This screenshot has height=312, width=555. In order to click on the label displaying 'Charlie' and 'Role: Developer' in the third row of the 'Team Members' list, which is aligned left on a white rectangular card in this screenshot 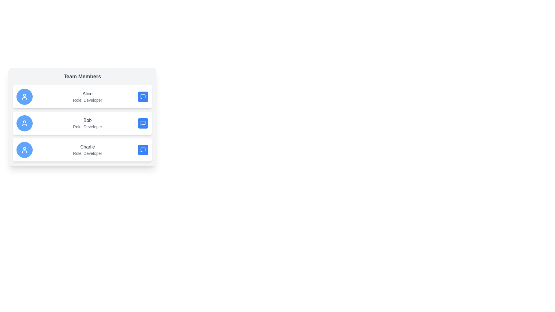, I will do `click(87, 150)`.